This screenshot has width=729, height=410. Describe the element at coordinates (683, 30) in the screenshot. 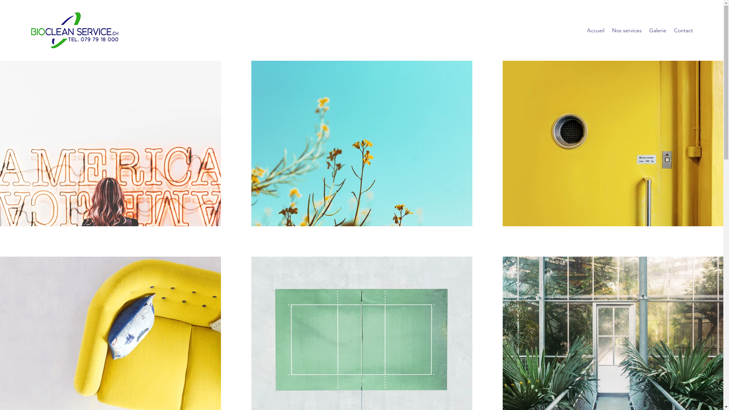

I see `'Contact'` at that location.